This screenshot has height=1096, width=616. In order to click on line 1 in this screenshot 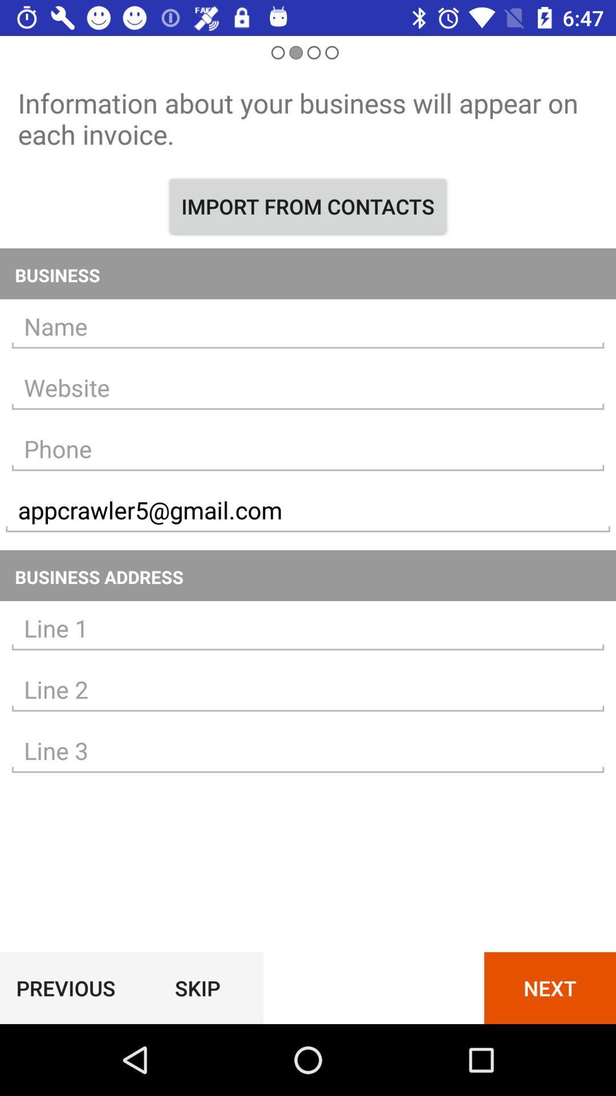, I will do `click(308, 628)`.